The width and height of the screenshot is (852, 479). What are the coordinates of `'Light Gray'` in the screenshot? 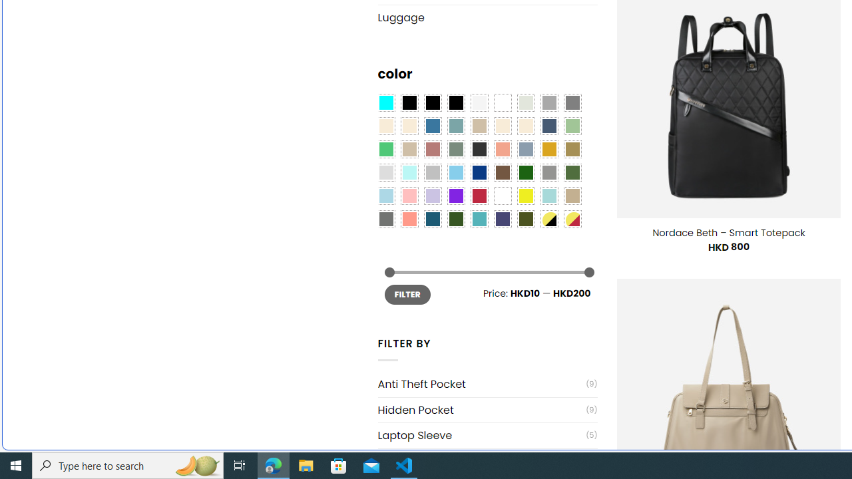 It's located at (385, 172).